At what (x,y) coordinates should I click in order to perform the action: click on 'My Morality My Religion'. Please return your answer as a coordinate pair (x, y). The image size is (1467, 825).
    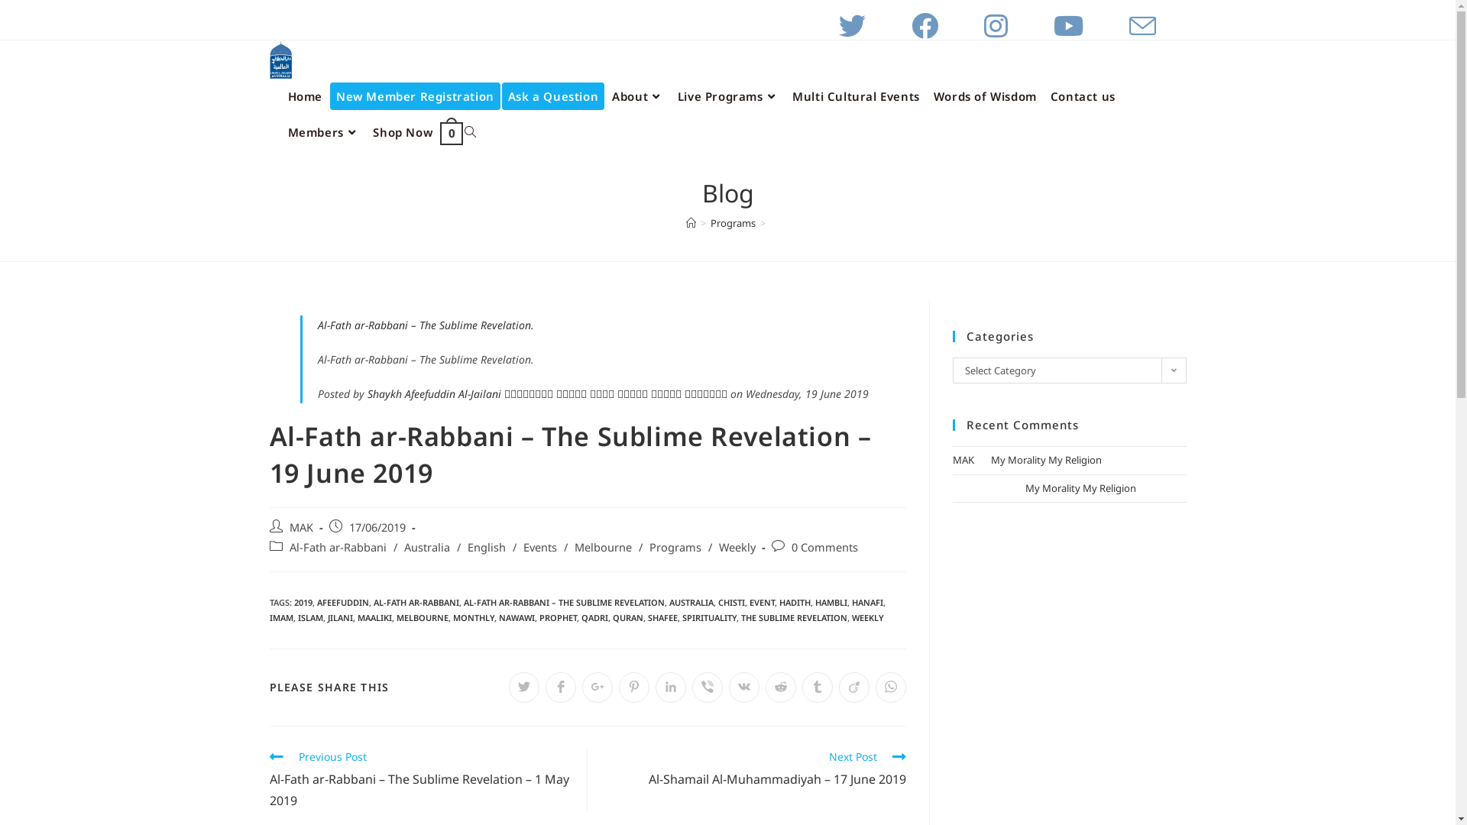
    Looking at the image, I should click on (1044, 458).